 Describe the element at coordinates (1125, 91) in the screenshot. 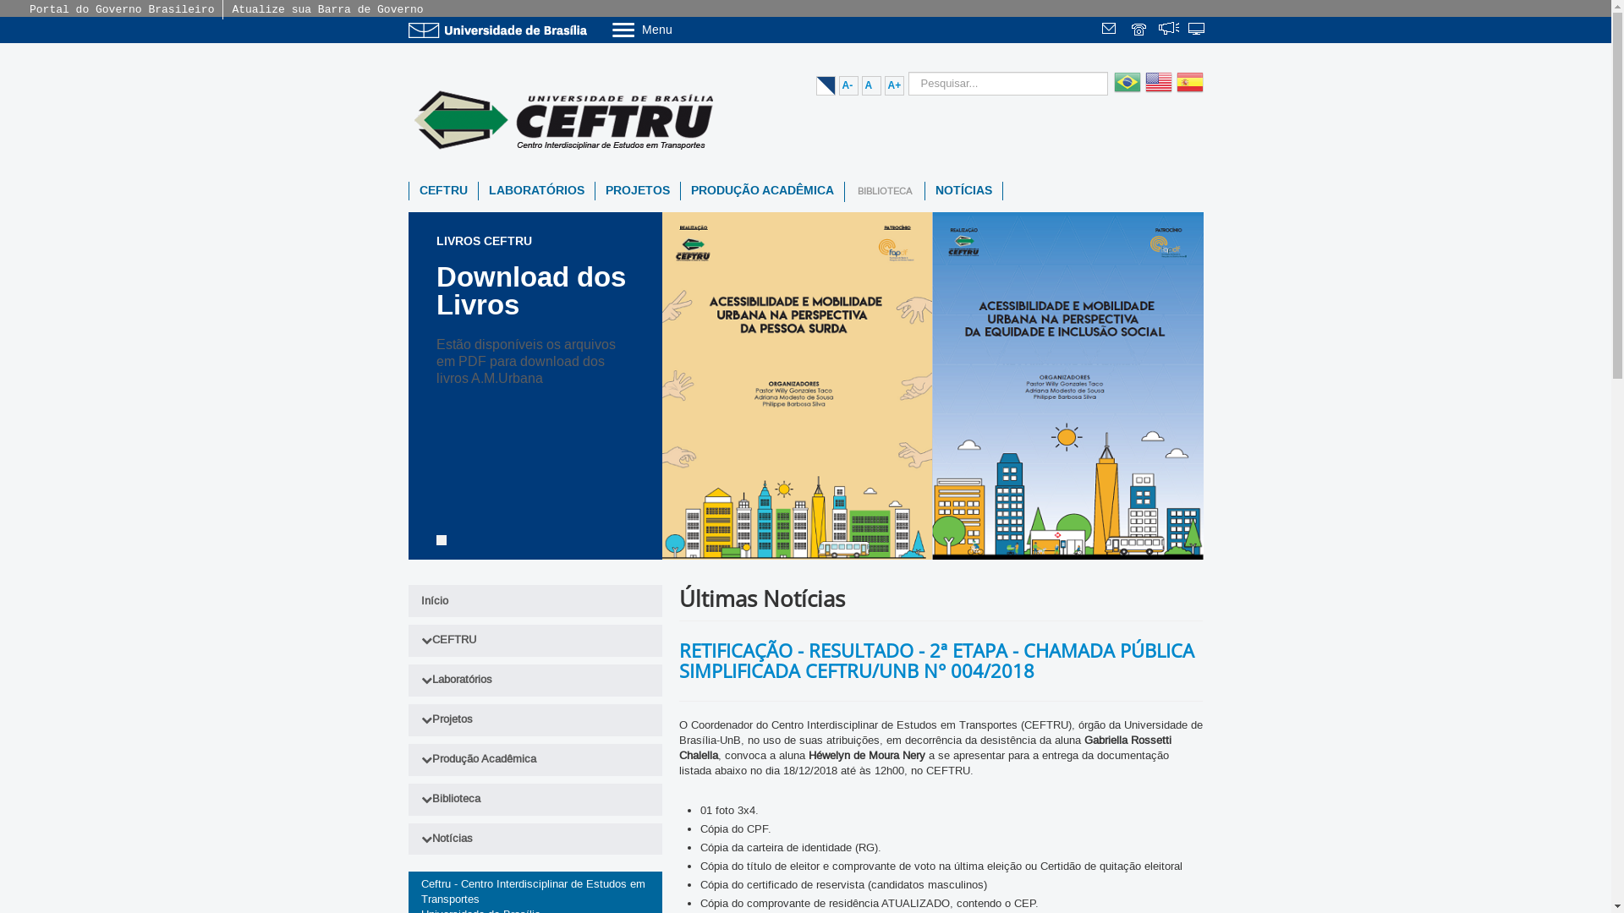

I see `'Portuguese'` at that location.